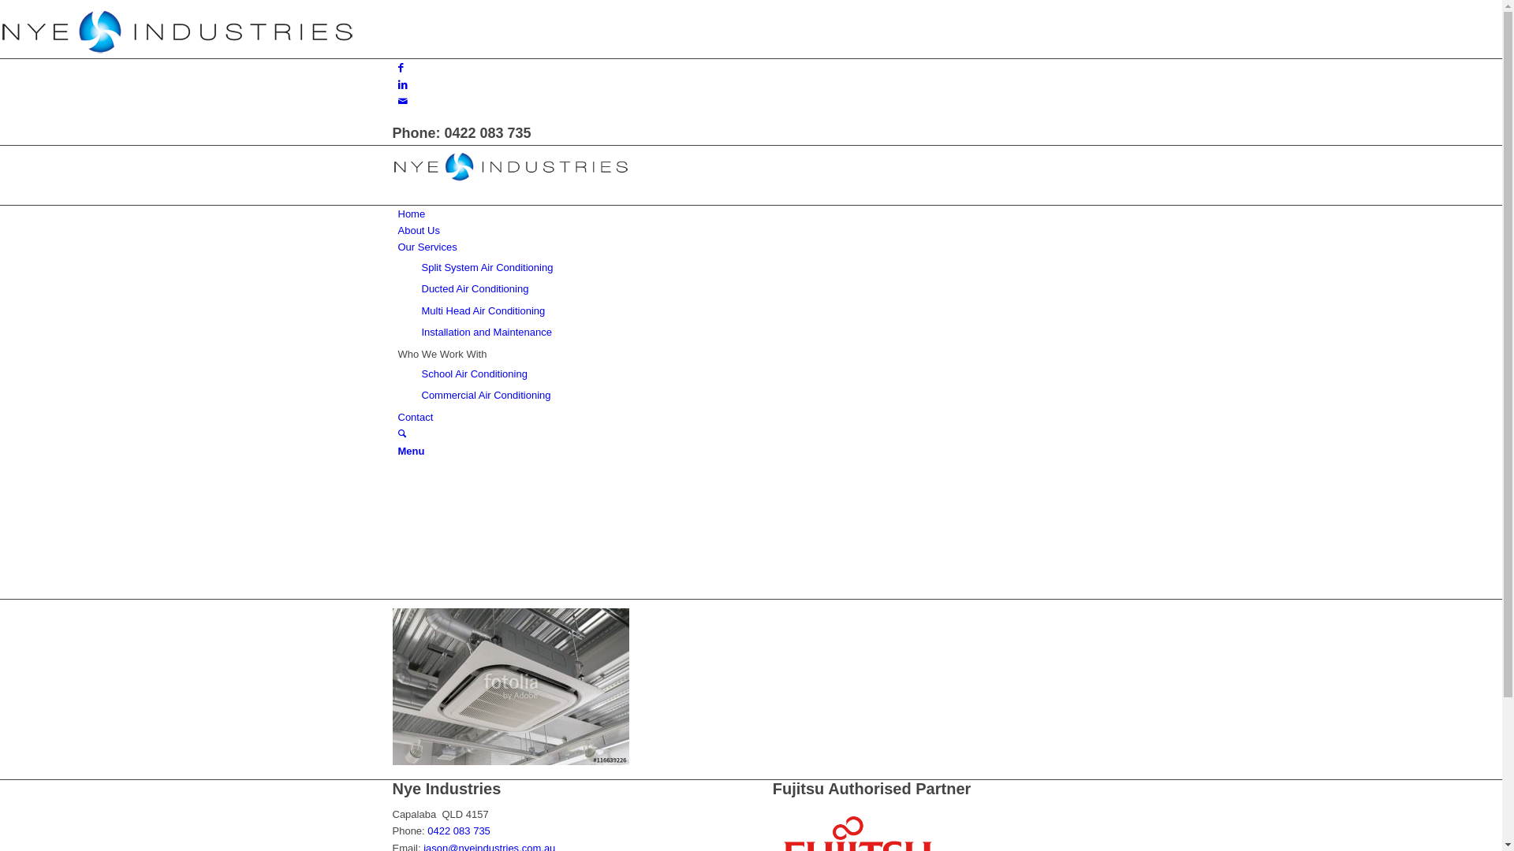 The height and width of the screenshot is (851, 1514). I want to click on 'About Us', so click(418, 230).